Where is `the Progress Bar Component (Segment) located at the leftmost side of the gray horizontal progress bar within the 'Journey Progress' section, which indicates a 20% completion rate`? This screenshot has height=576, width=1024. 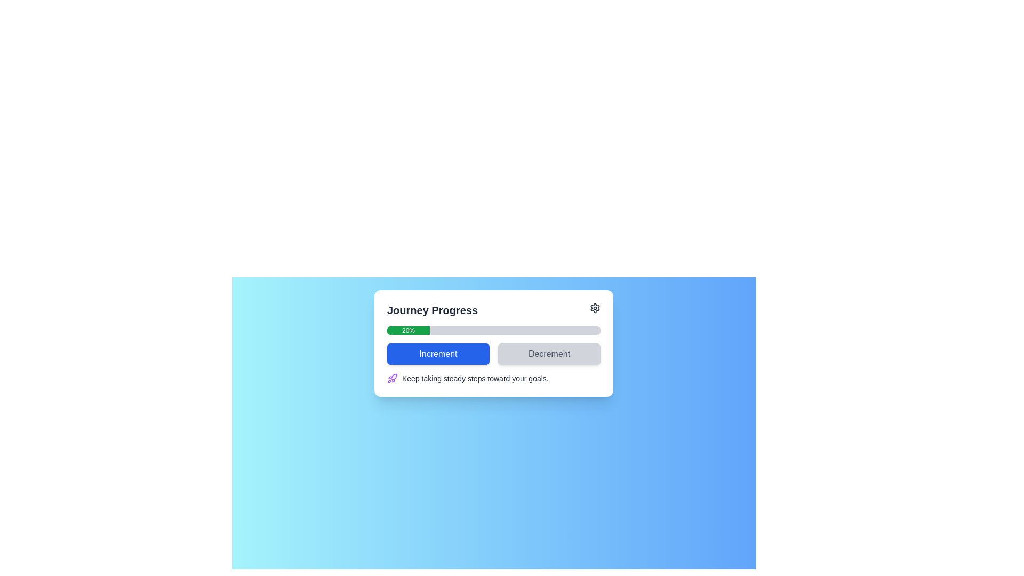 the Progress Bar Component (Segment) located at the leftmost side of the gray horizontal progress bar within the 'Journey Progress' section, which indicates a 20% completion rate is located at coordinates (408, 330).